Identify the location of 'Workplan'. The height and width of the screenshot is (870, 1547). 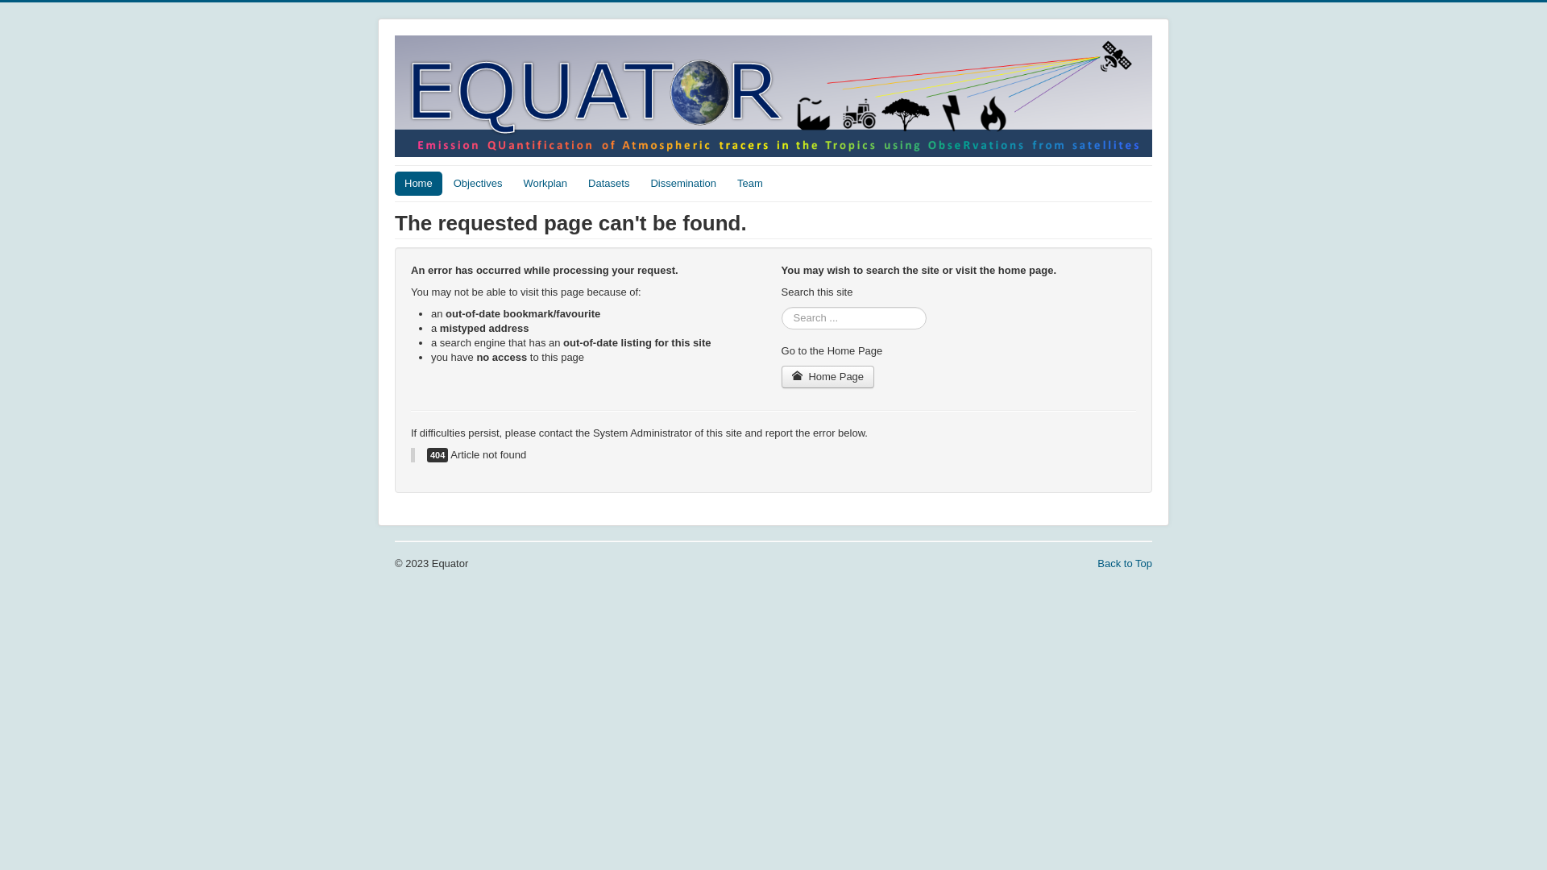
(545, 182).